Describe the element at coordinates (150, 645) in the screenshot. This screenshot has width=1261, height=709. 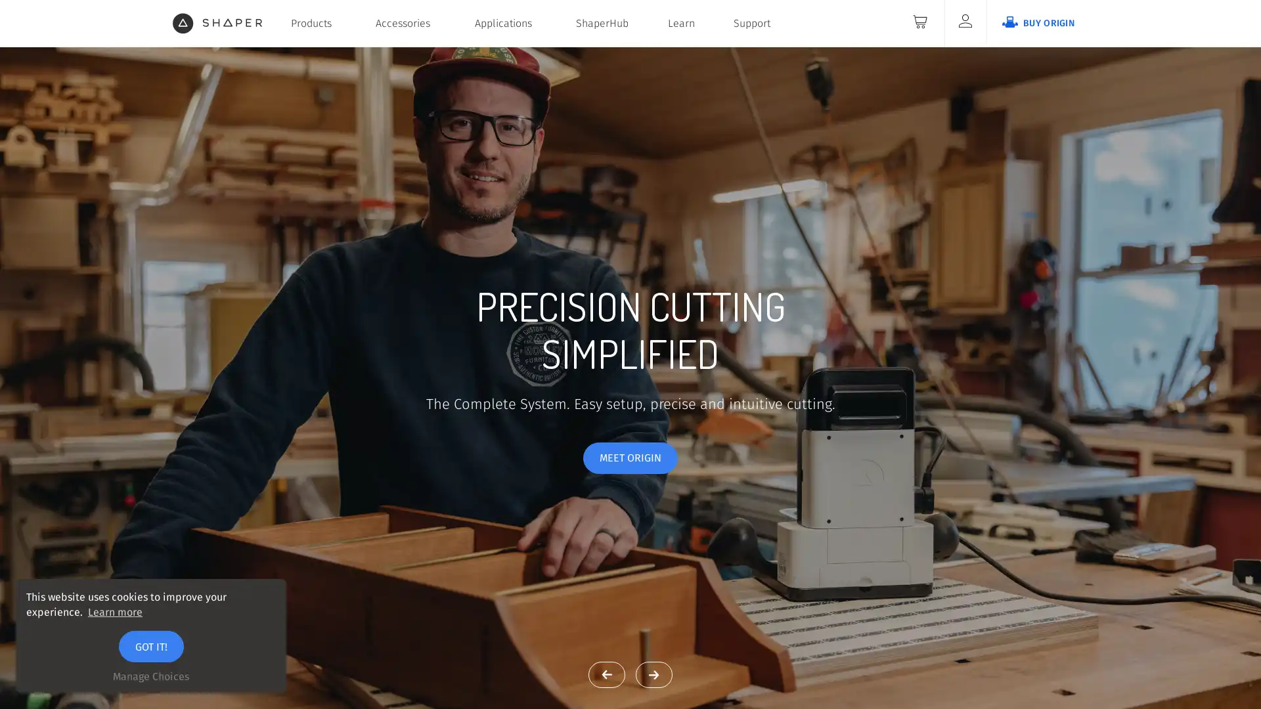
I see `GOT IT!` at that location.